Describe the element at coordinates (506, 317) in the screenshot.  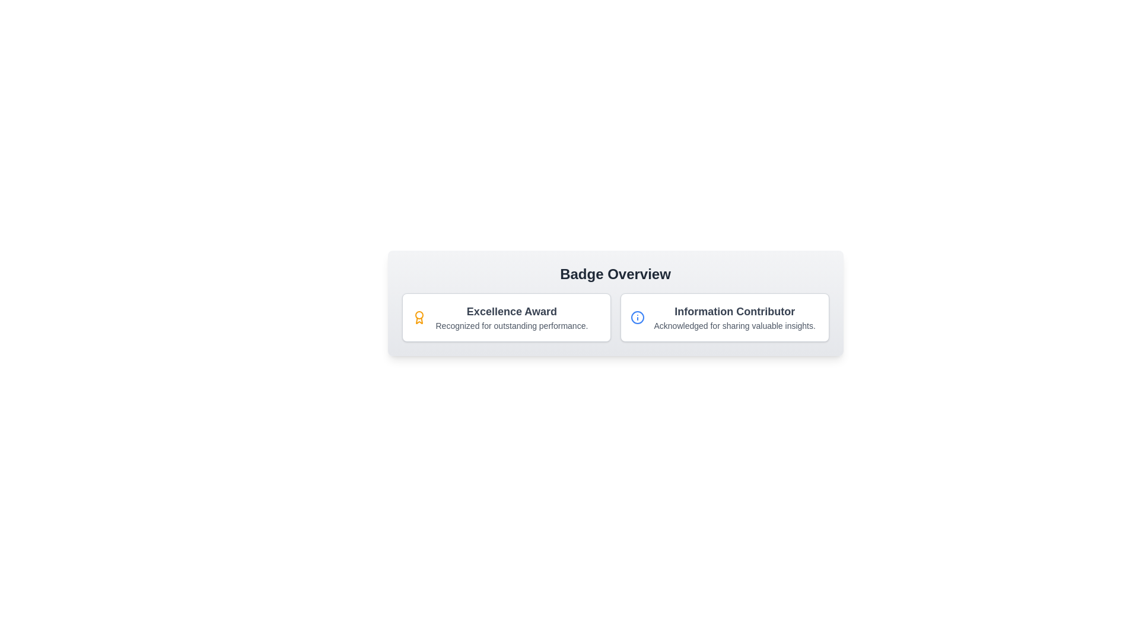
I see `the first badge display element, which shows an award-related badge with a brief title and description` at that location.